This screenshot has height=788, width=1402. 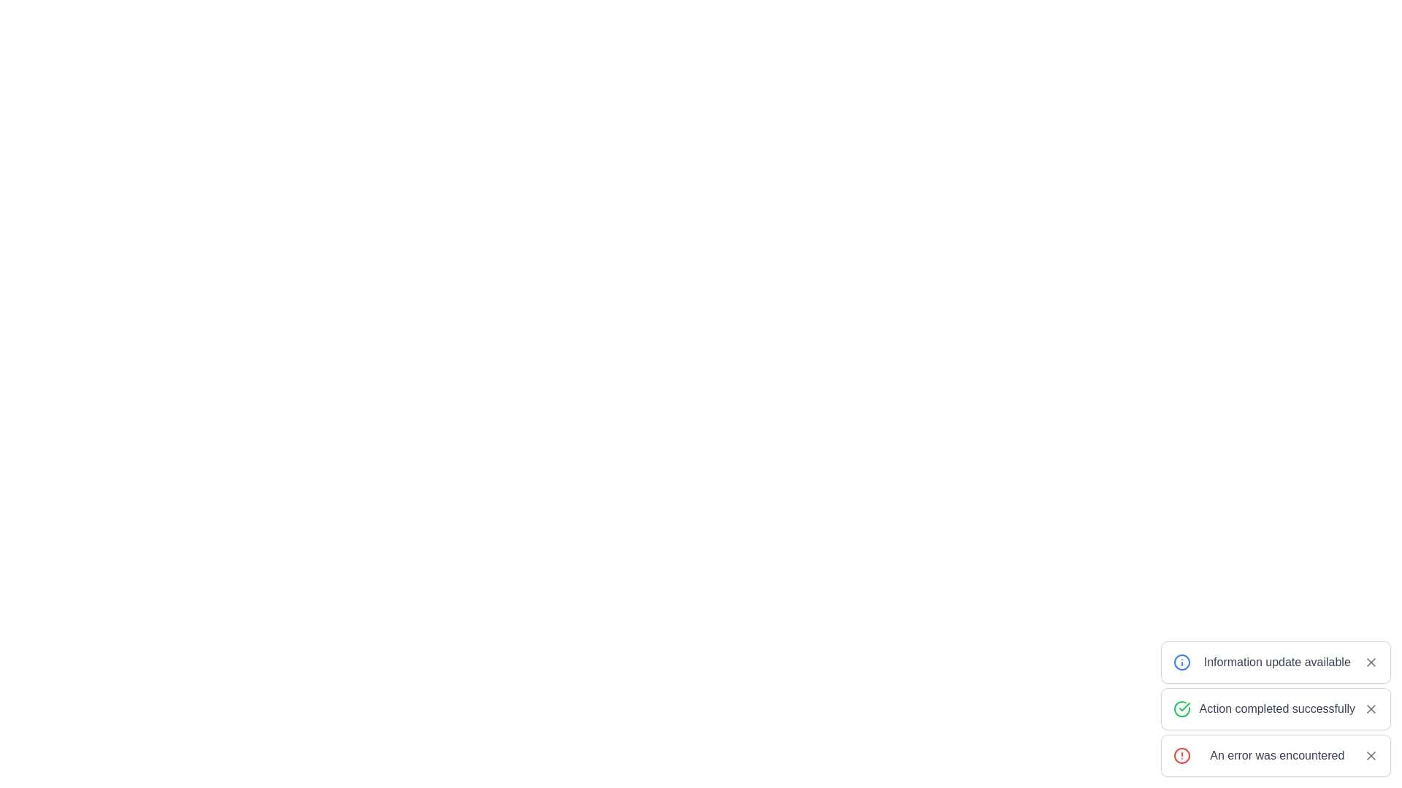 What do you see at coordinates (1370, 662) in the screenshot?
I see `the compact diagonal cross icon located at the far-right of the notification card labeled 'Information update available'` at bounding box center [1370, 662].